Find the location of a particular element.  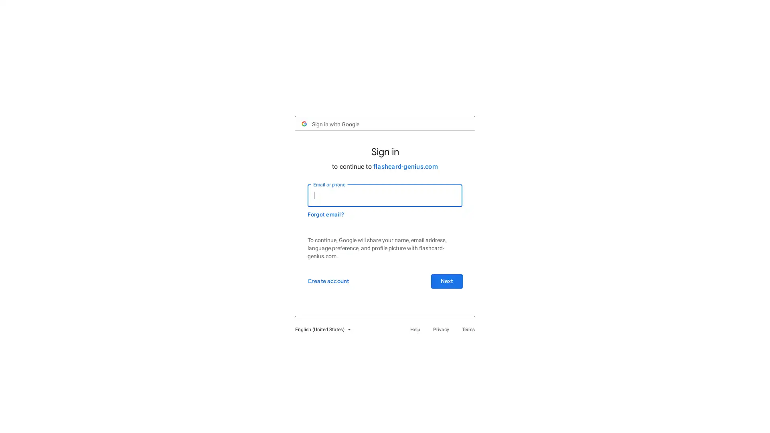

Next is located at coordinates (442, 285).